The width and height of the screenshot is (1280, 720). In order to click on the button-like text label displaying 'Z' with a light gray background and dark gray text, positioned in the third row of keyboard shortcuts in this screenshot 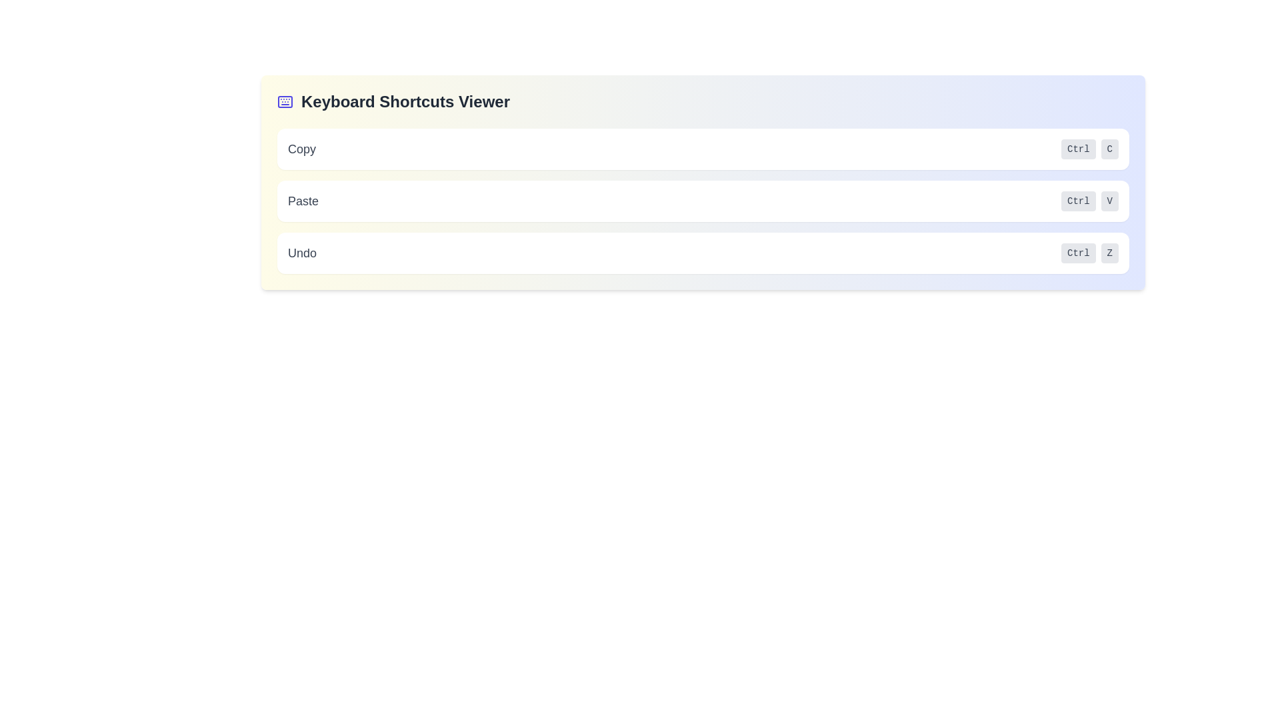, I will do `click(1109, 253)`.